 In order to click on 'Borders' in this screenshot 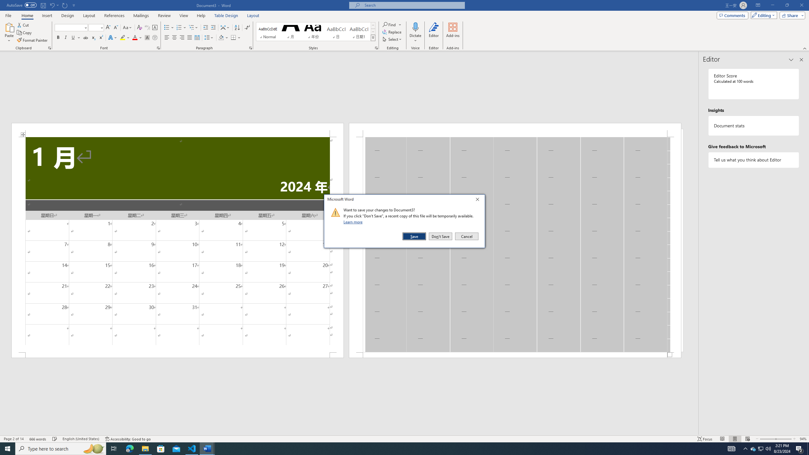, I will do `click(235, 37)`.